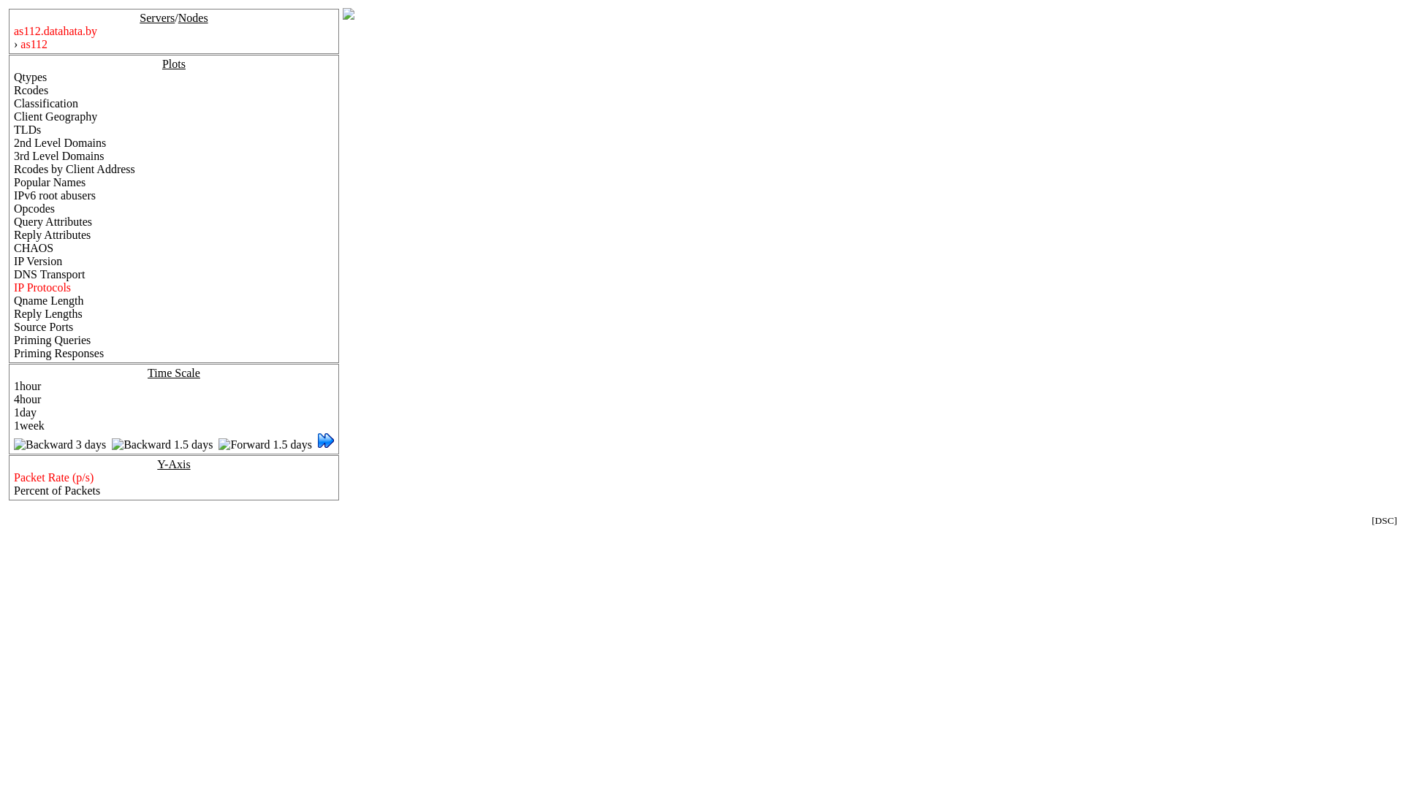  I want to click on 'Qname Length', so click(14, 300).